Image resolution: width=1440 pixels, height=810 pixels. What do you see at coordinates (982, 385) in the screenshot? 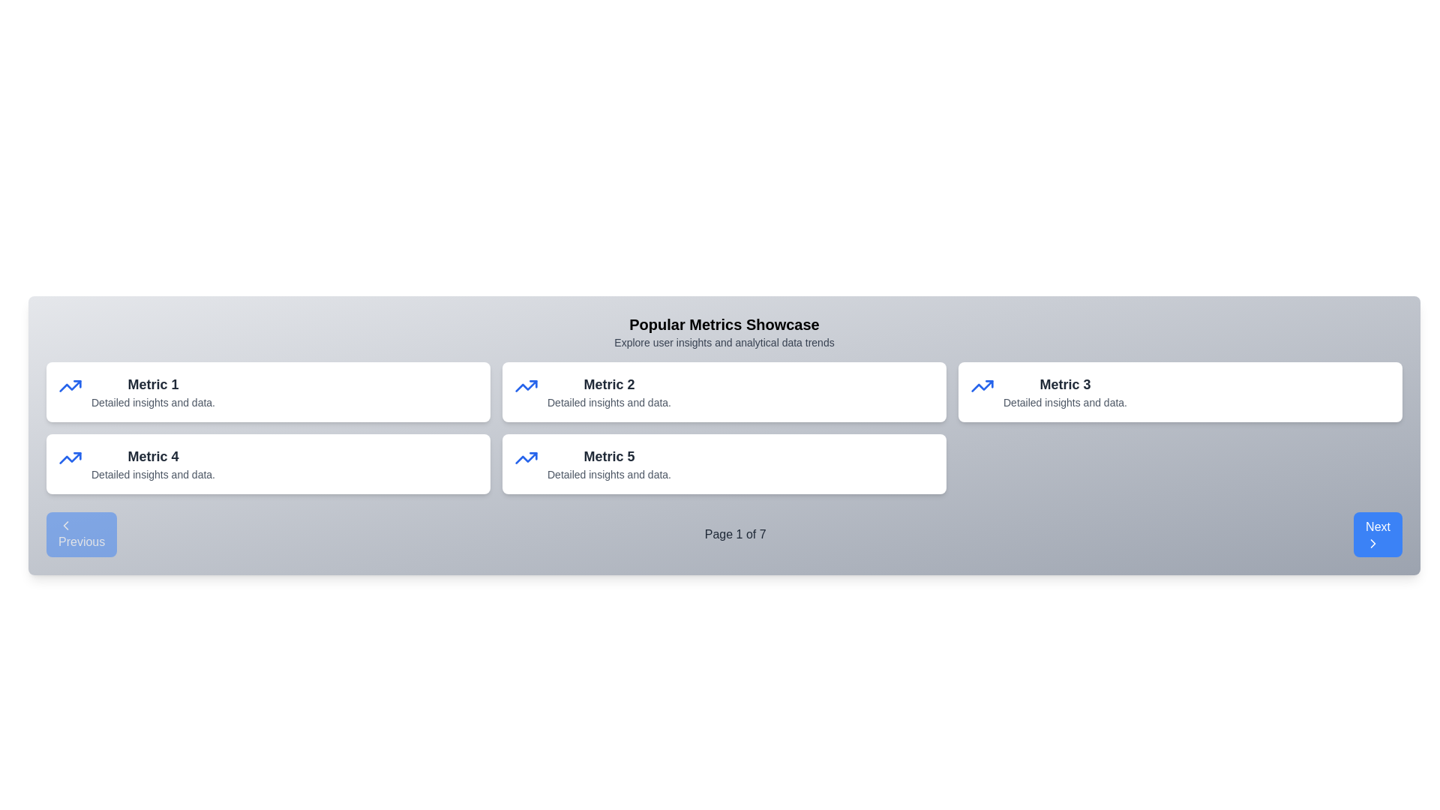
I see `the icon in the top-left corner of the third metric card labeled 'Metric 3'` at bounding box center [982, 385].